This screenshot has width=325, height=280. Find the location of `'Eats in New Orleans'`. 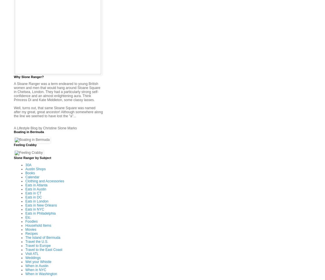

'Eats in New Orleans' is located at coordinates (41, 205).